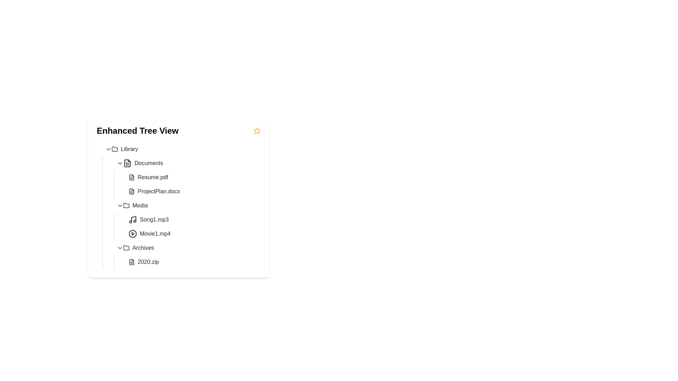 The height and width of the screenshot is (381, 678). What do you see at coordinates (148, 262) in the screenshot?
I see `the text label representing the file '2020.zip'` at bounding box center [148, 262].